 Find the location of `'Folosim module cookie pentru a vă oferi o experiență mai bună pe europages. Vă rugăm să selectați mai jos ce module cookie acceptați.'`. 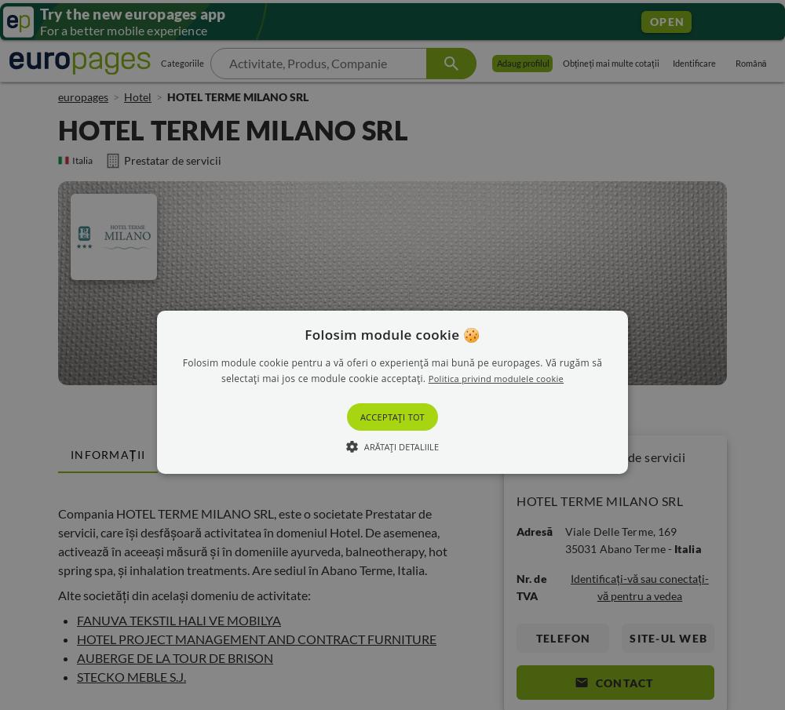

'Folosim module cookie pentru a vă oferi o experiență mai bună pe europages. Vă rugăm să selectați mai jos ce module cookie acceptați.' is located at coordinates (391, 370).